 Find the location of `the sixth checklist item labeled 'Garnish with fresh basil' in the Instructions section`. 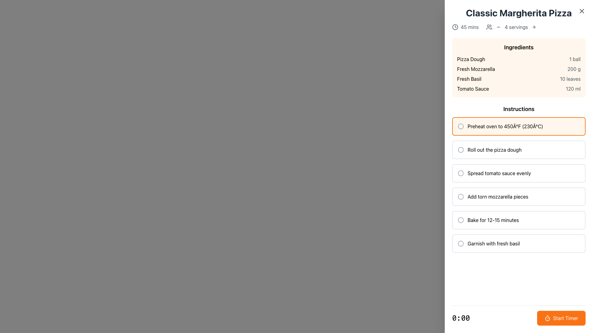

the sixth checklist item labeled 'Garnish with fresh basil' in the Instructions section is located at coordinates (519, 243).